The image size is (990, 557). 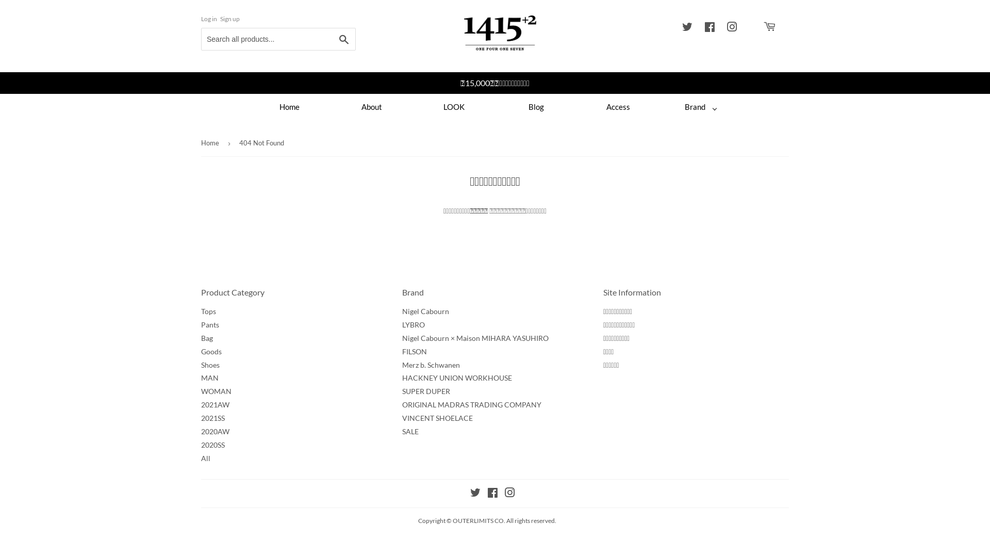 I want to click on 'HACKNEY UNION WORKHOUSE', so click(x=456, y=378).